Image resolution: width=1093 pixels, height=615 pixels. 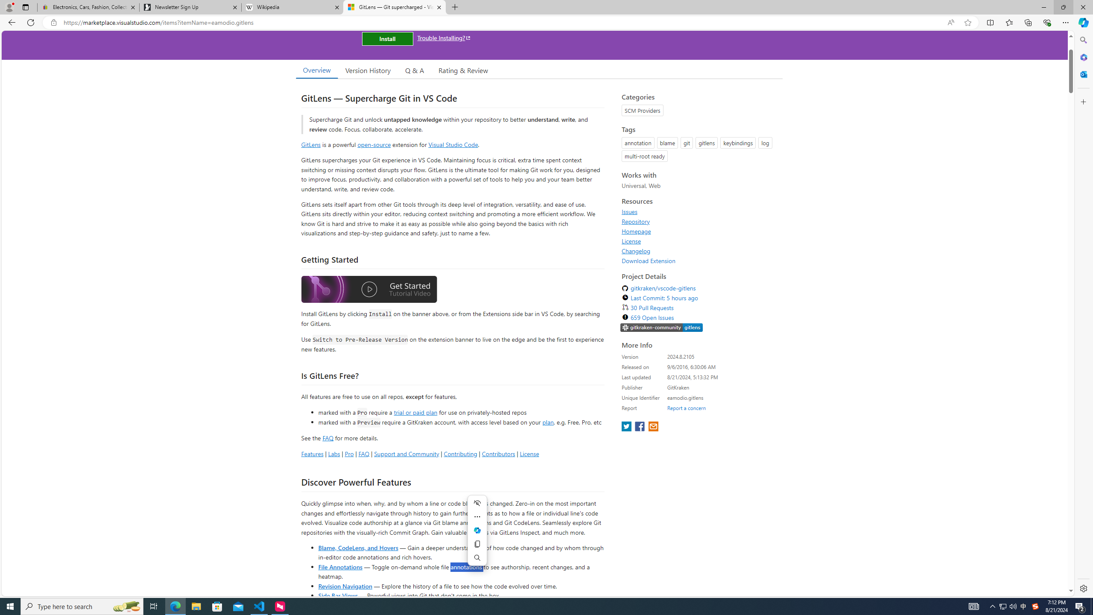 What do you see at coordinates (463, 70) in the screenshot?
I see `'Rating & Review'` at bounding box center [463, 70].